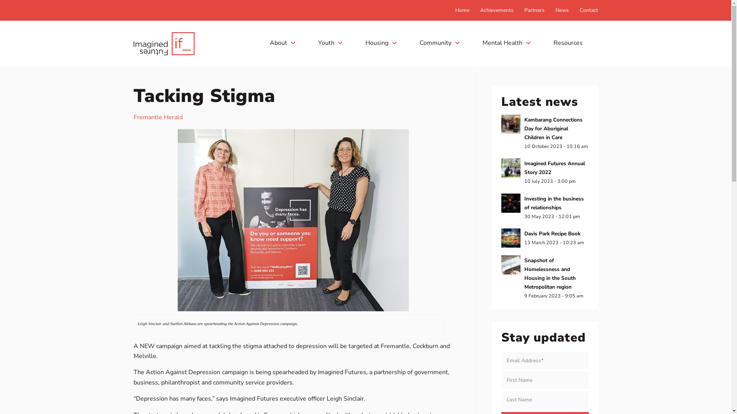 Image resolution: width=737 pixels, height=414 pixels. Describe the element at coordinates (439, 43) in the screenshot. I see `'Community'` at that location.